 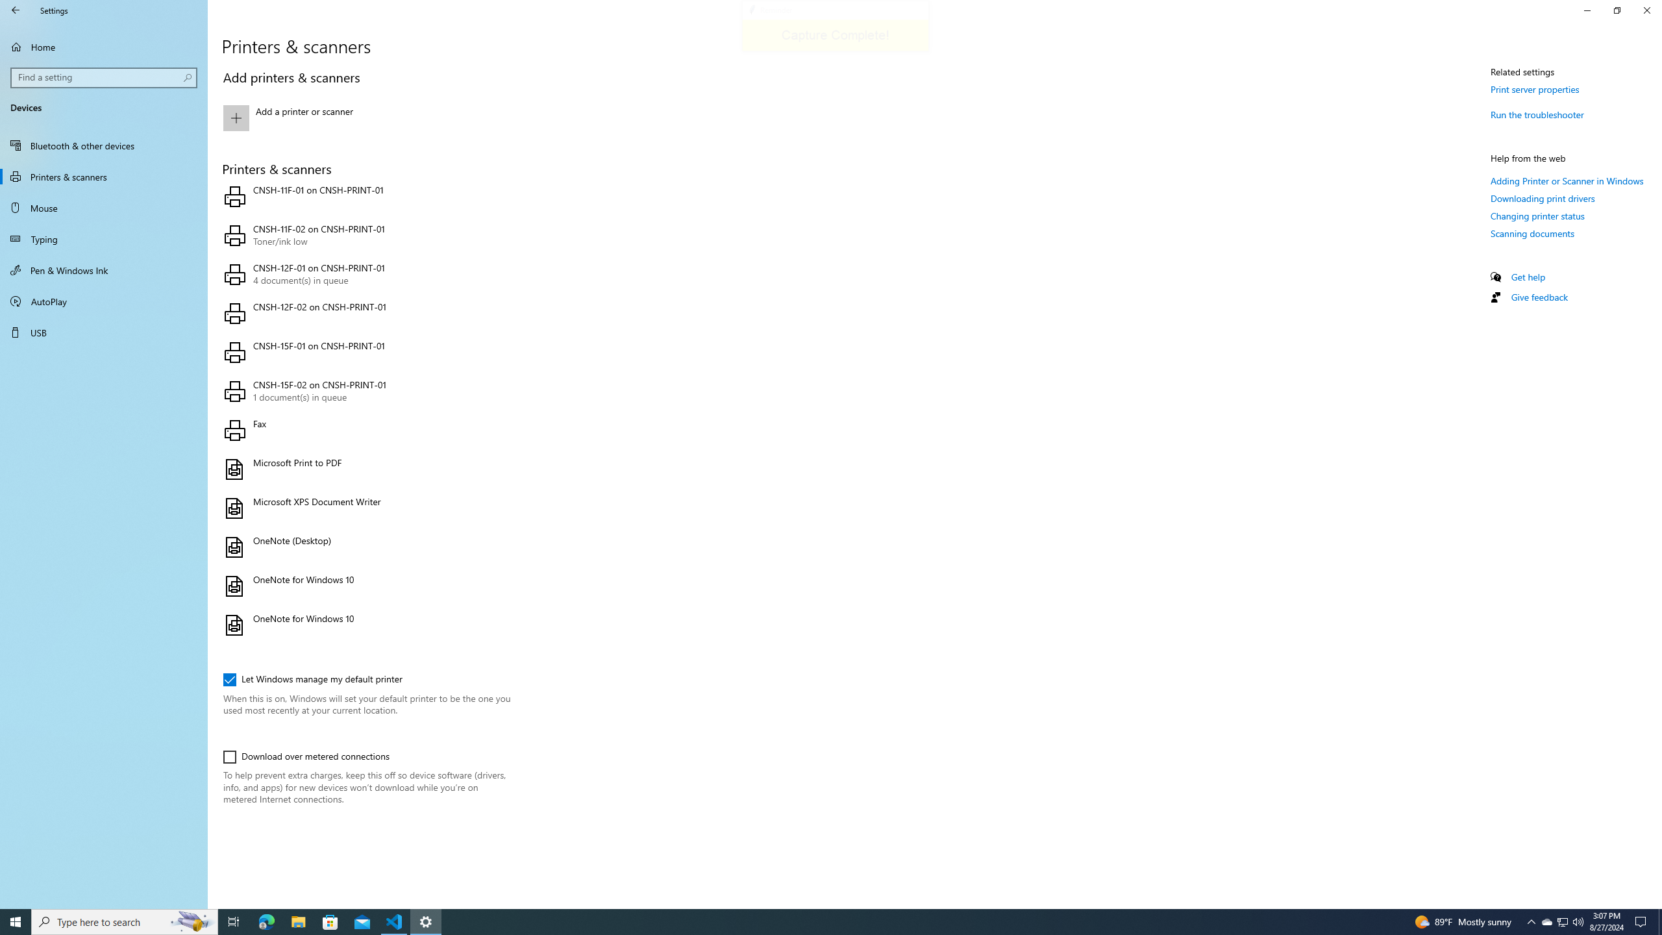 I want to click on 'Print server properties', so click(x=1535, y=89).